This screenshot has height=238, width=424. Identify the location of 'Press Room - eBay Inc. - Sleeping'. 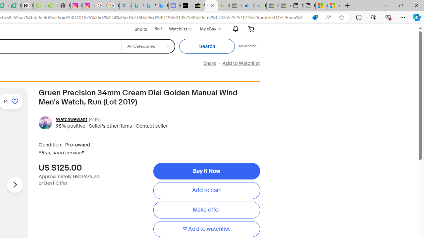
(273, 6).